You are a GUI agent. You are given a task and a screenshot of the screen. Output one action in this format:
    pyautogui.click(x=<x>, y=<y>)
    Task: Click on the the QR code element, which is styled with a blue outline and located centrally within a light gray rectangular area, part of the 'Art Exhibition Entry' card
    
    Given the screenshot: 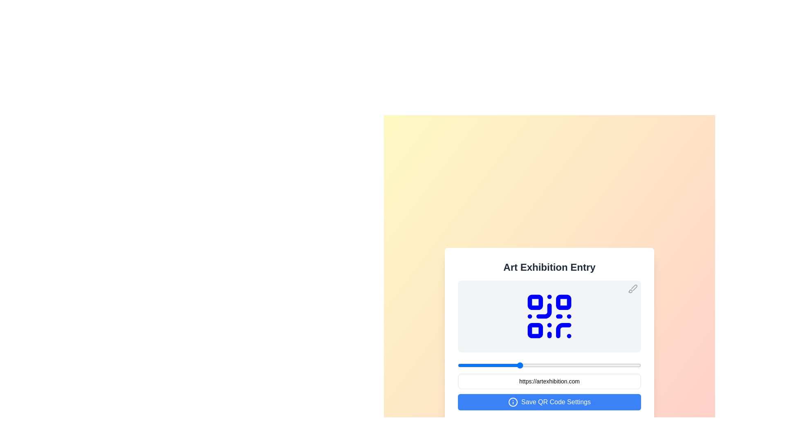 What is the action you would take?
    pyautogui.click(x=549, y=316)
    